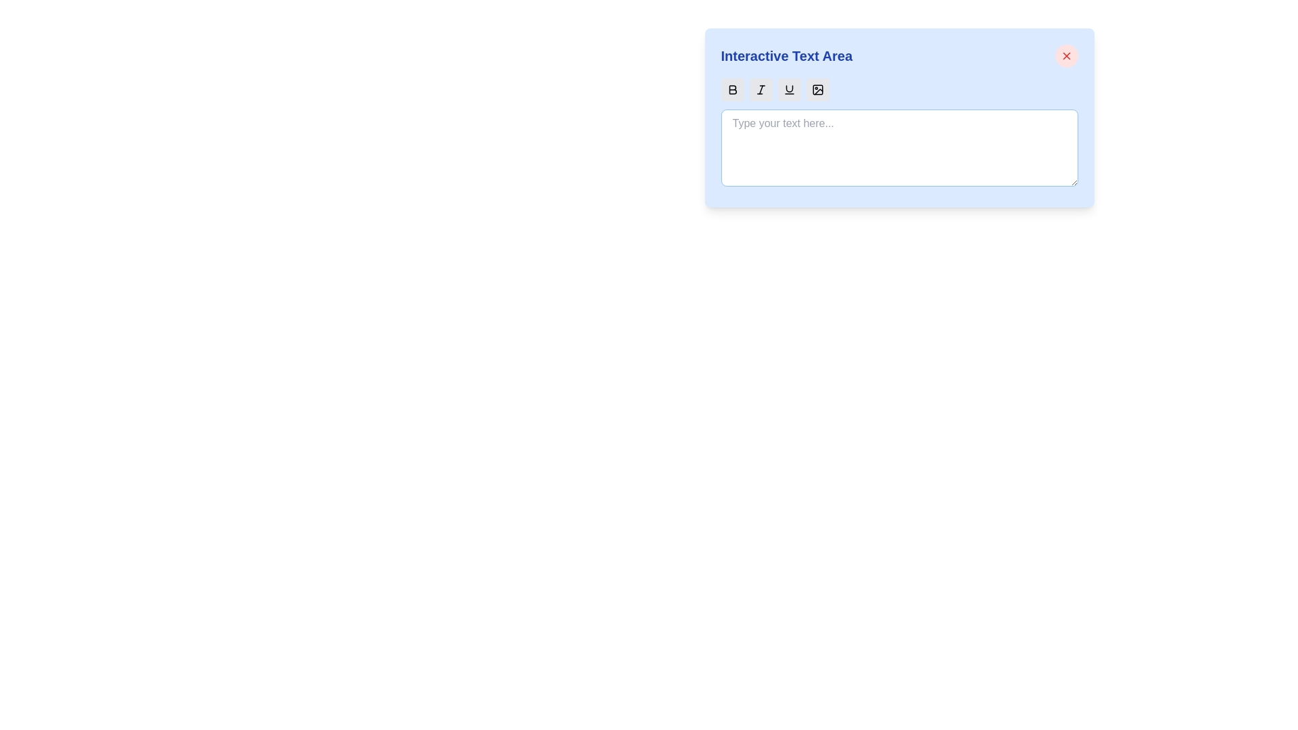  Describe the element at coordinates (1065, 55) in the screenshot. I see `the red X icon in the top-right corner of the light blue 'Interactive Text Area' box` at that location.